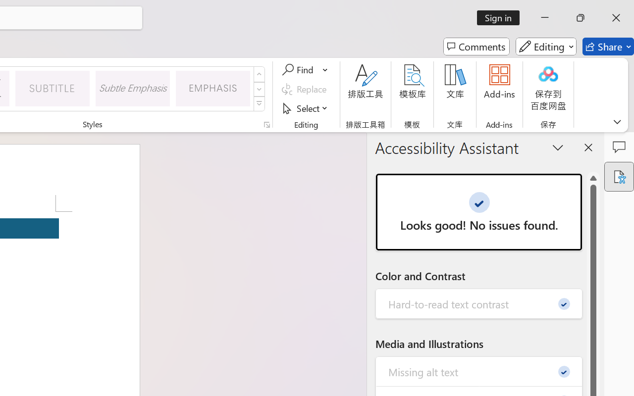 This screenshot has height=396, width=634. Describe the element at coordinates (132, 88) in the screenshot. I see `'Subtle Emphasis'` at that location.